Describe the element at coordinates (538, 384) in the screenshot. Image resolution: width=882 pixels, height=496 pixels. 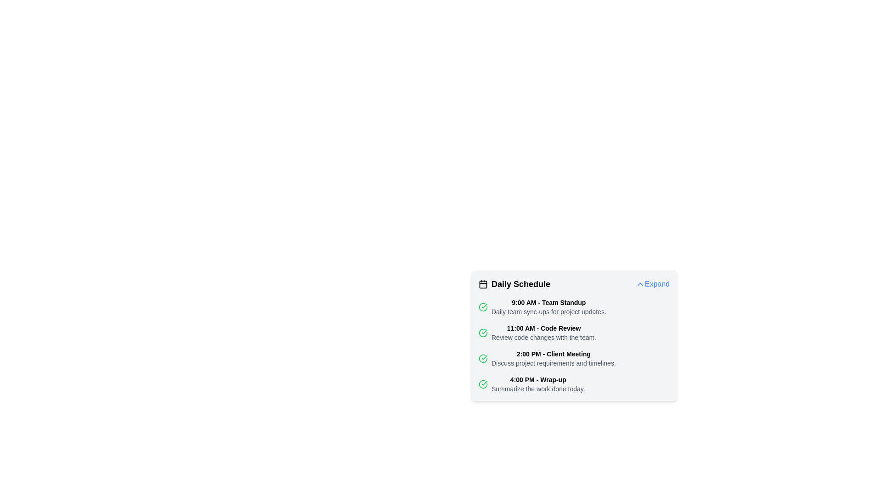
I see `textual content of the last text block in the 'Daily Schedule' card, which displays the scheduled activity or task details` at that location.